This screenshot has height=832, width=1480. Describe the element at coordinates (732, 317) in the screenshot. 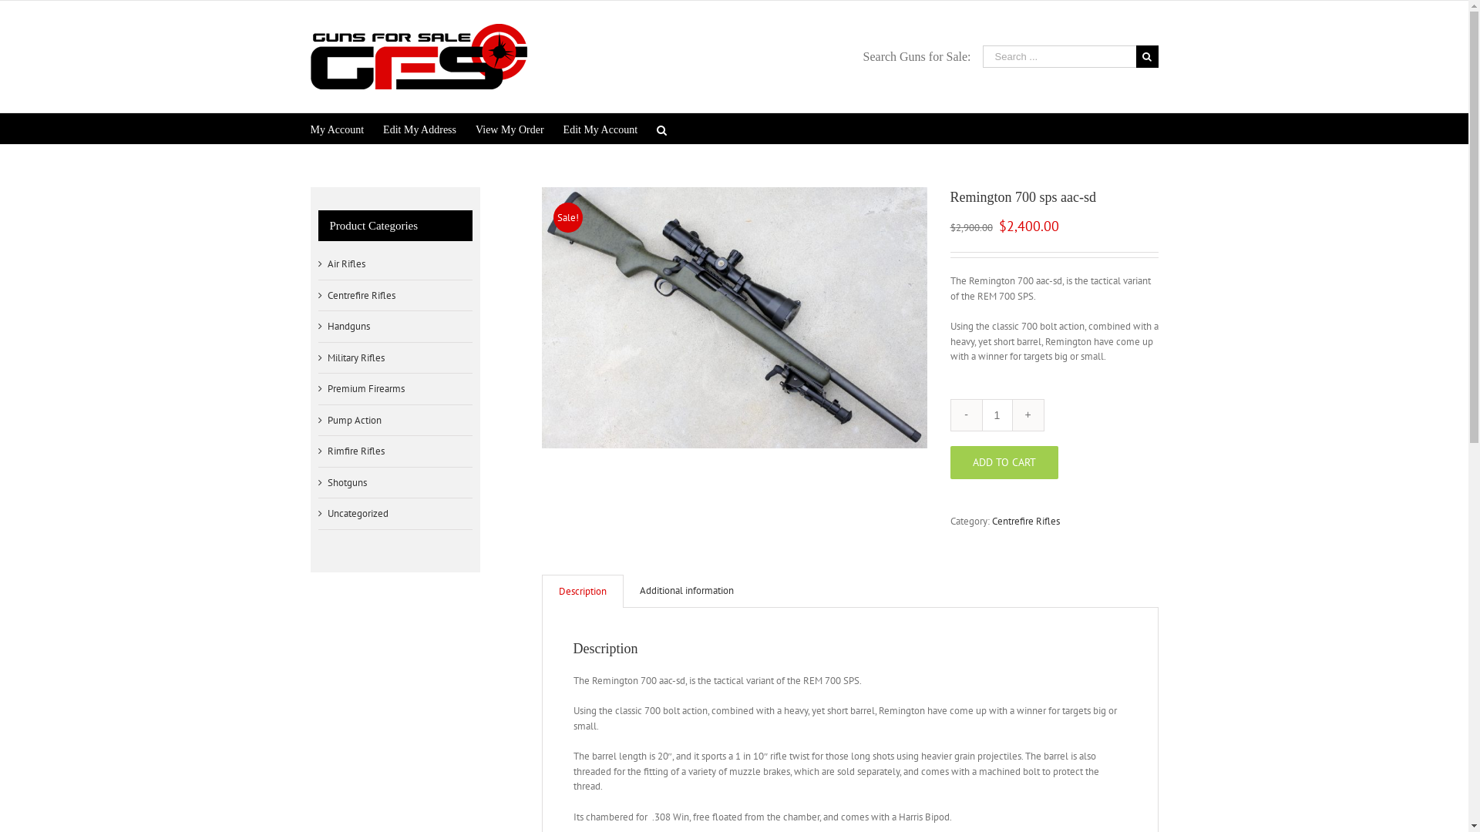

I see `'700aac-sd'` at that location.